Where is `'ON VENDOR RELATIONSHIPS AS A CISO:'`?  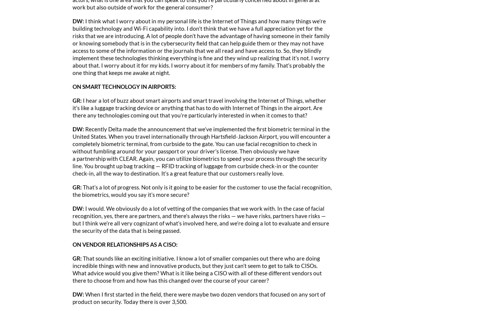
'ON VENDOR RELATIONSHIPS AS A CISO:' is located at coordinates (125, 244).